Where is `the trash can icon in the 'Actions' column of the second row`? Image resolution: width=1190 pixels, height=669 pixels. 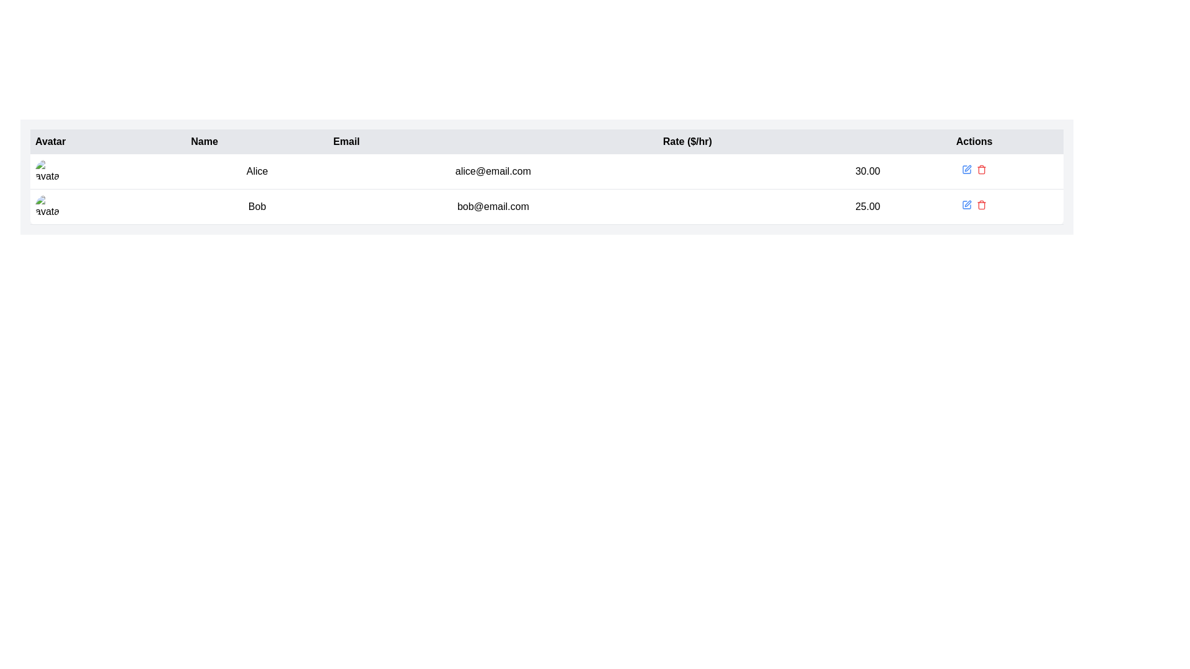 the trash can icon in the 'Actions' column of the second row is located at coordinates (981, 170).